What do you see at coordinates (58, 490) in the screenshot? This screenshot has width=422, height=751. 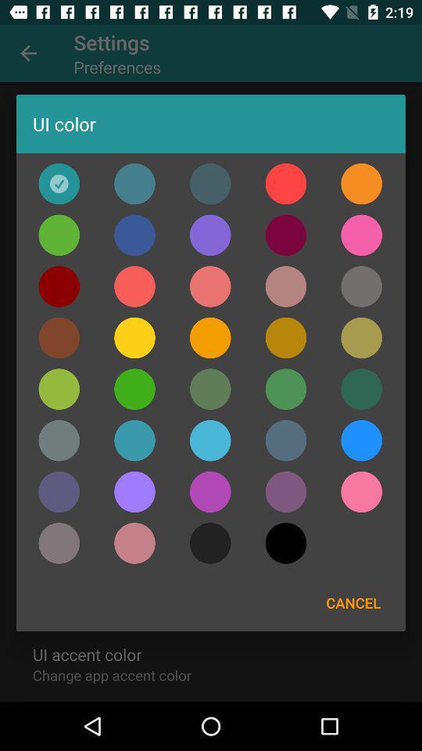 I see `choose color option` at bounding box center [58, 490].